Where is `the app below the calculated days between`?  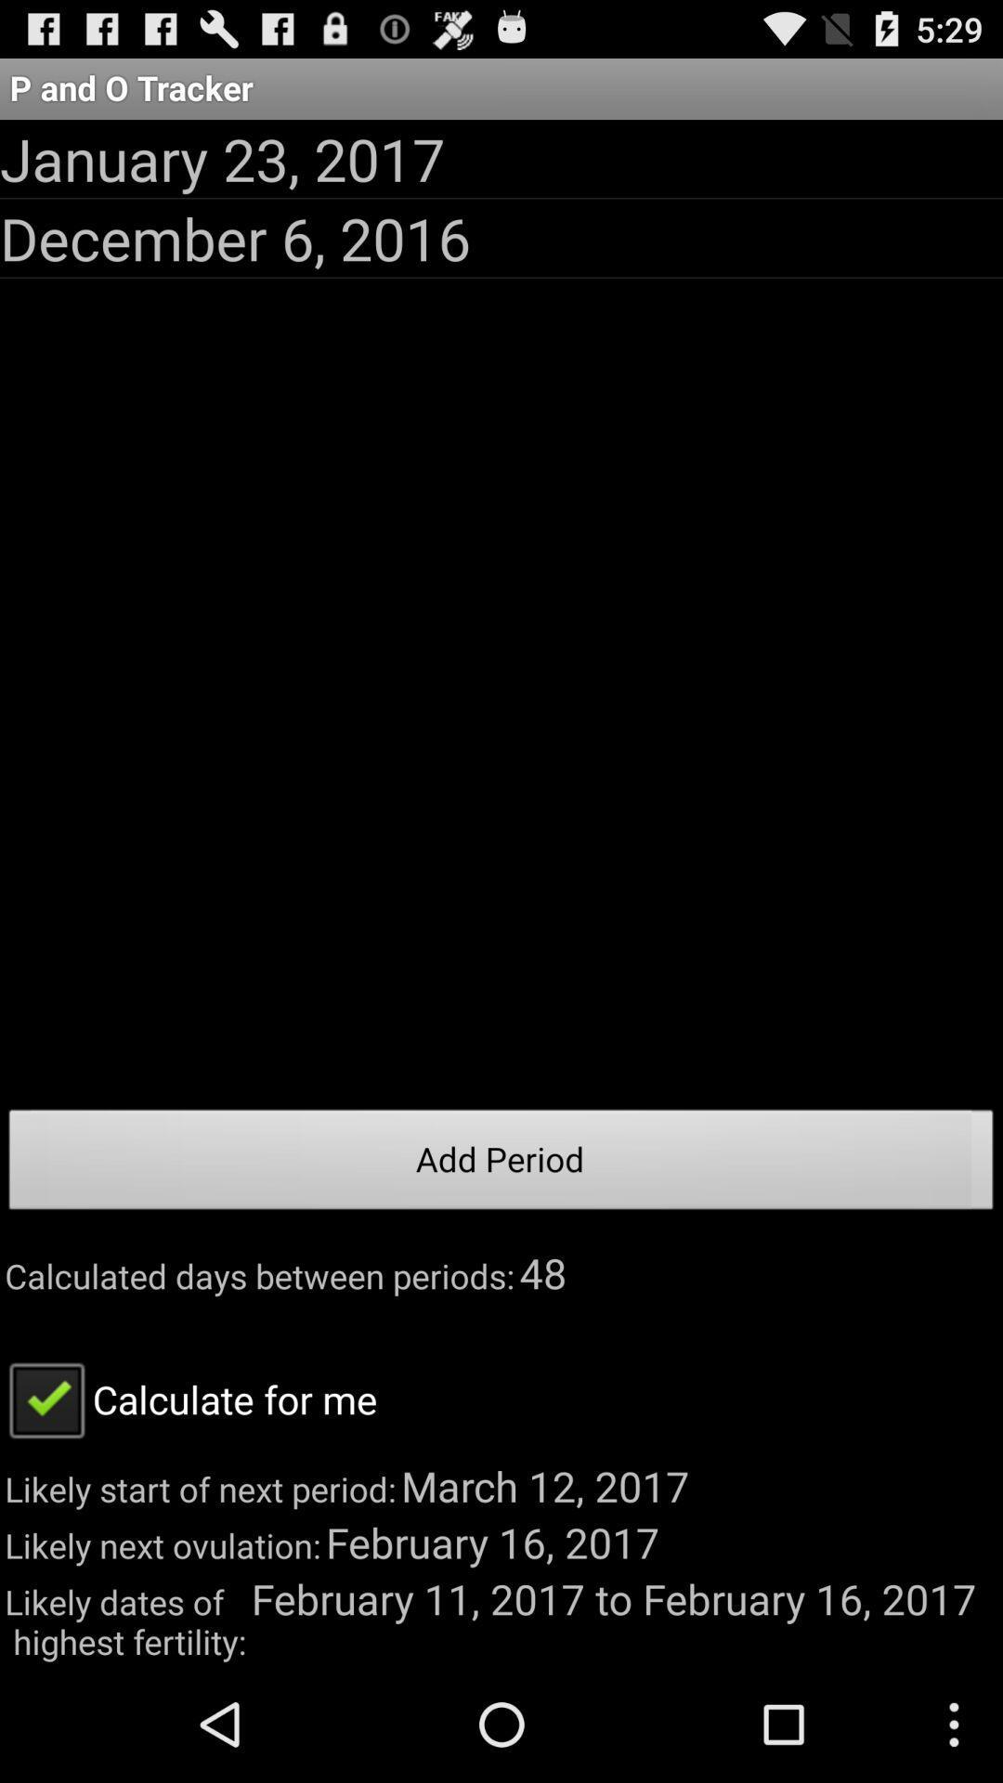
the app below the calculated days between is located at coordinates (189, 1399).